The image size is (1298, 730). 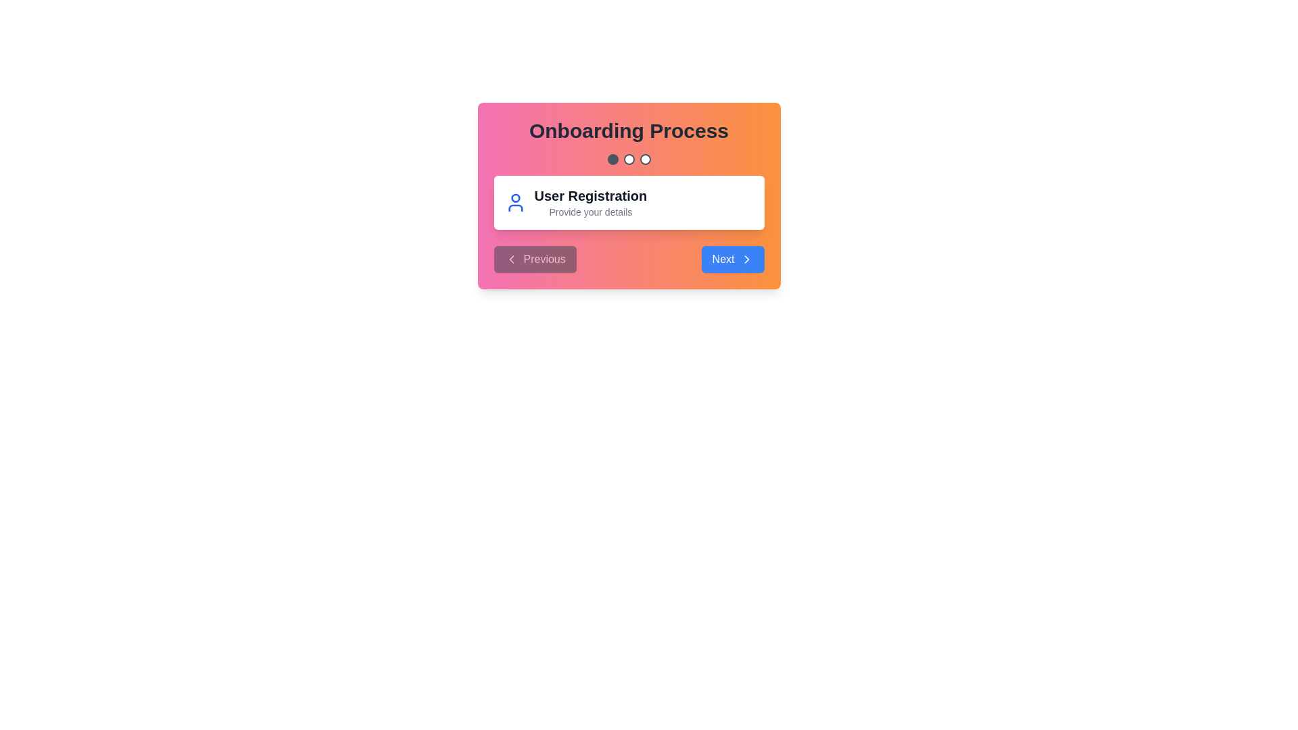 I want to click on the second circular indicator of the Progress Indicator (Step), so click(x=628, y=158).